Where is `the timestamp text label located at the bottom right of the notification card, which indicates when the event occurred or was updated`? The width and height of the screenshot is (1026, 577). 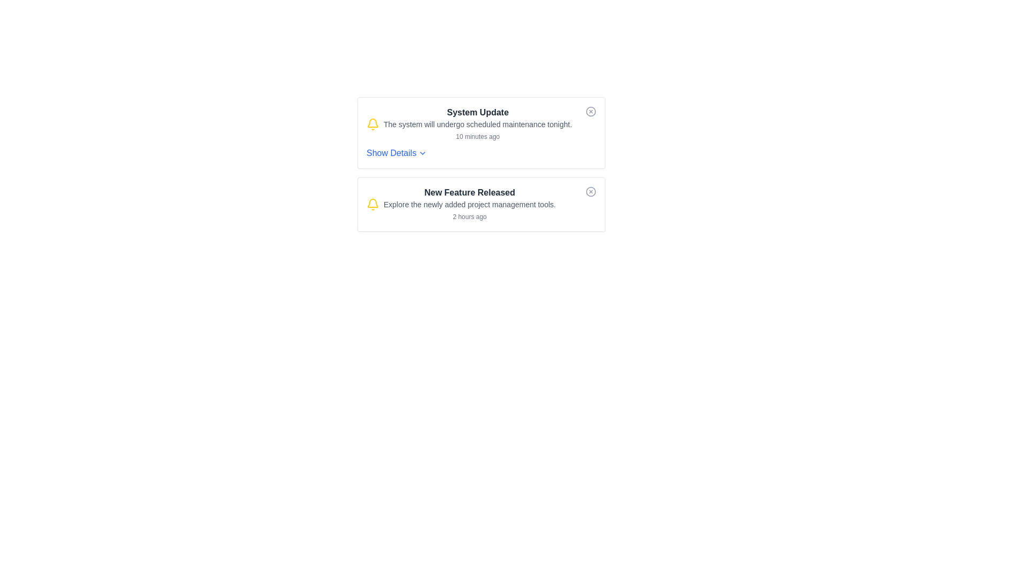
the timestamp text label located at the bottom right of the notification card, which indicates when the event occurred or was updated is located at coordinates (477, 136).